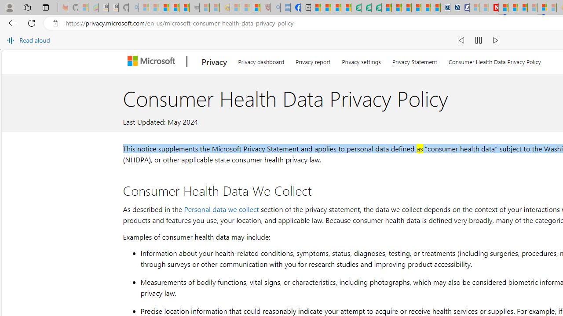 The width and height of the screenshot is (563, 316). I want to click on 'Trusted Community Engagement and Contributions | Guidelines', so click(503, 7).